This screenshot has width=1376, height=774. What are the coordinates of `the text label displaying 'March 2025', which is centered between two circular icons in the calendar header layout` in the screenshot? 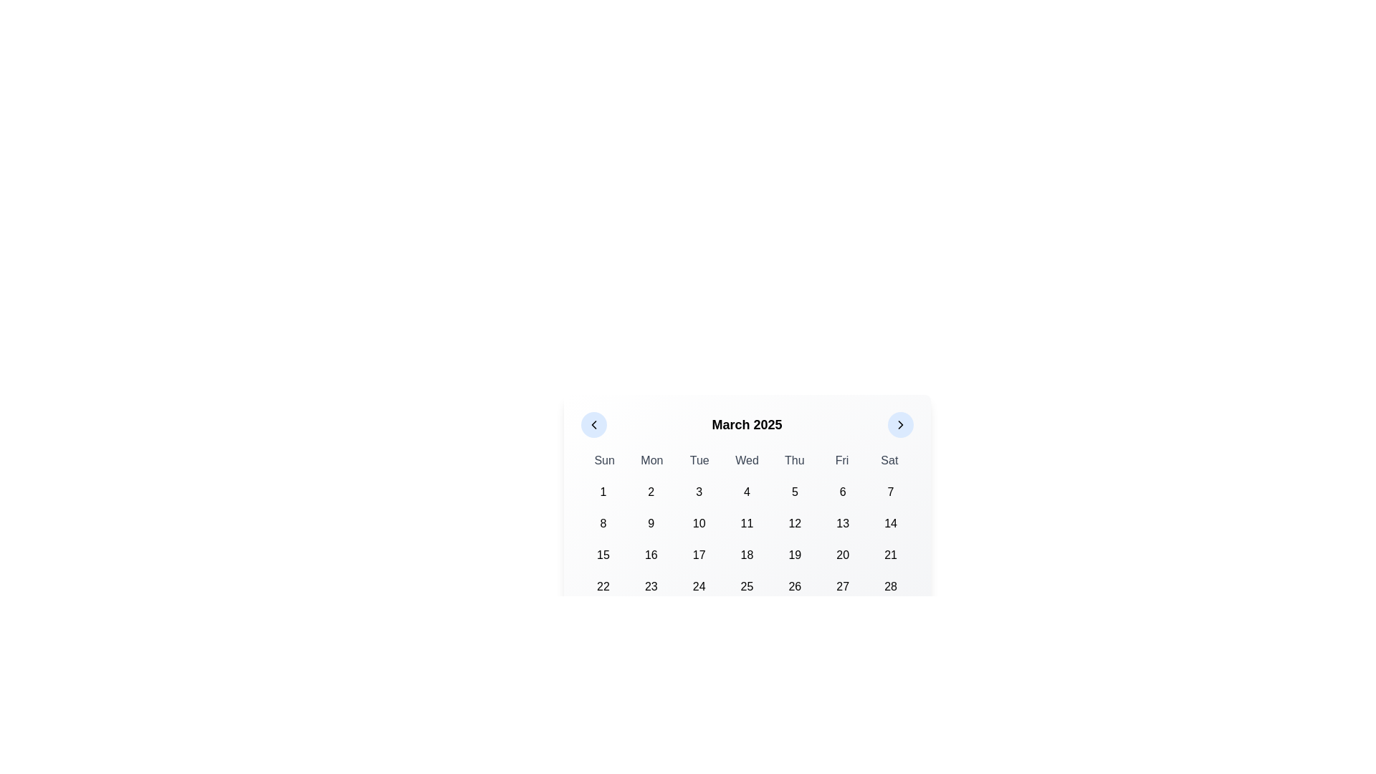 It's located at (746, 424).